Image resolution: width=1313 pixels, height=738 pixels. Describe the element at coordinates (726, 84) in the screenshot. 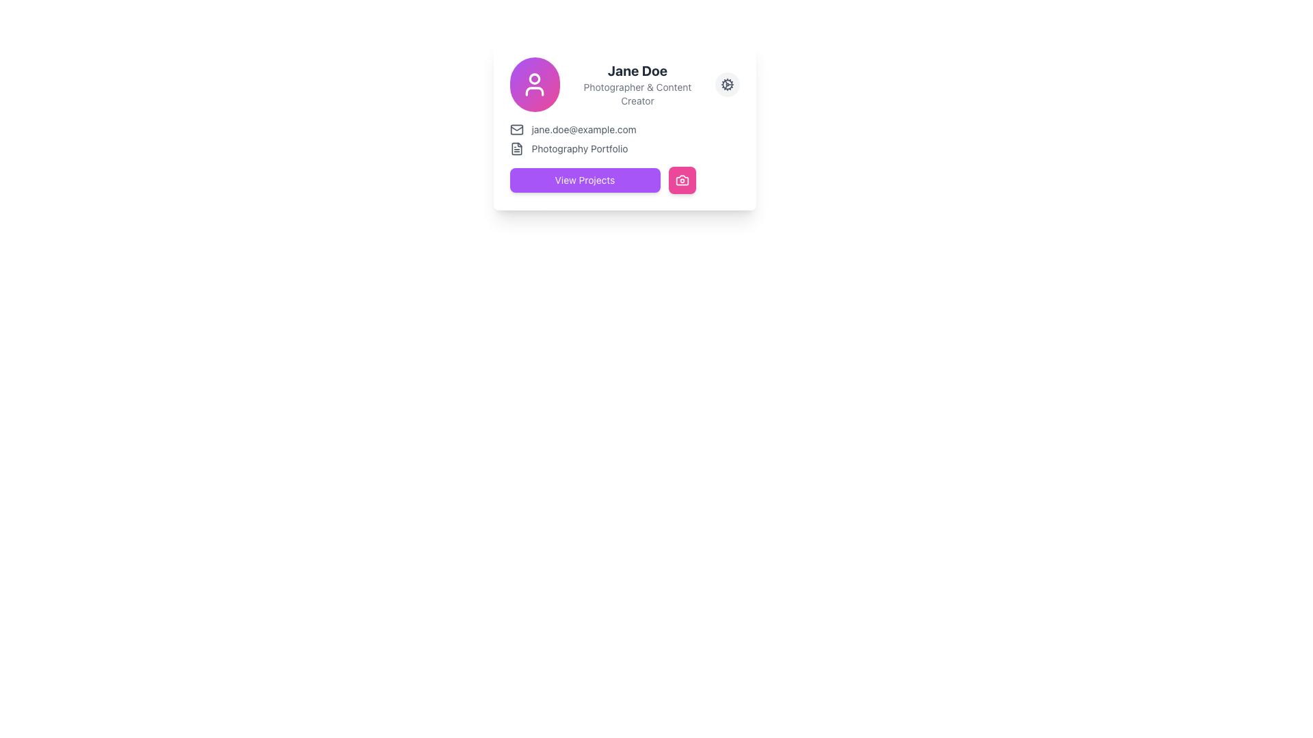

I see `the gray cogwheel icon located in the top-right corner of the user's profile card` at that location.